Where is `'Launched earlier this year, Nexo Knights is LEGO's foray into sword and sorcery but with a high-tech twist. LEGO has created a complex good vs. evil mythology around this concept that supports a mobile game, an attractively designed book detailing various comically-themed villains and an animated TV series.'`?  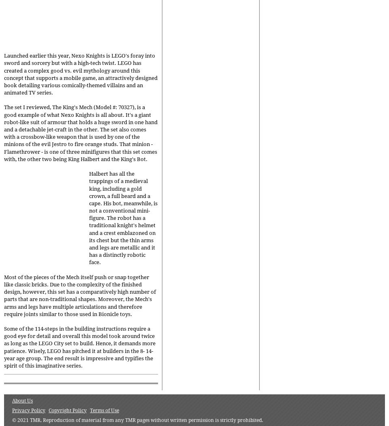 'Launched earlier this year, Nexo Knights is LEGO's foray into sword and sorcery but with a high-tech twist. LEGO has created a complex good vs. evil mythology around this concept that supports a mobile game, an attractively designed book detailing various comically-themed villains and an animated TV series.' is located at coordinates (81, 74).